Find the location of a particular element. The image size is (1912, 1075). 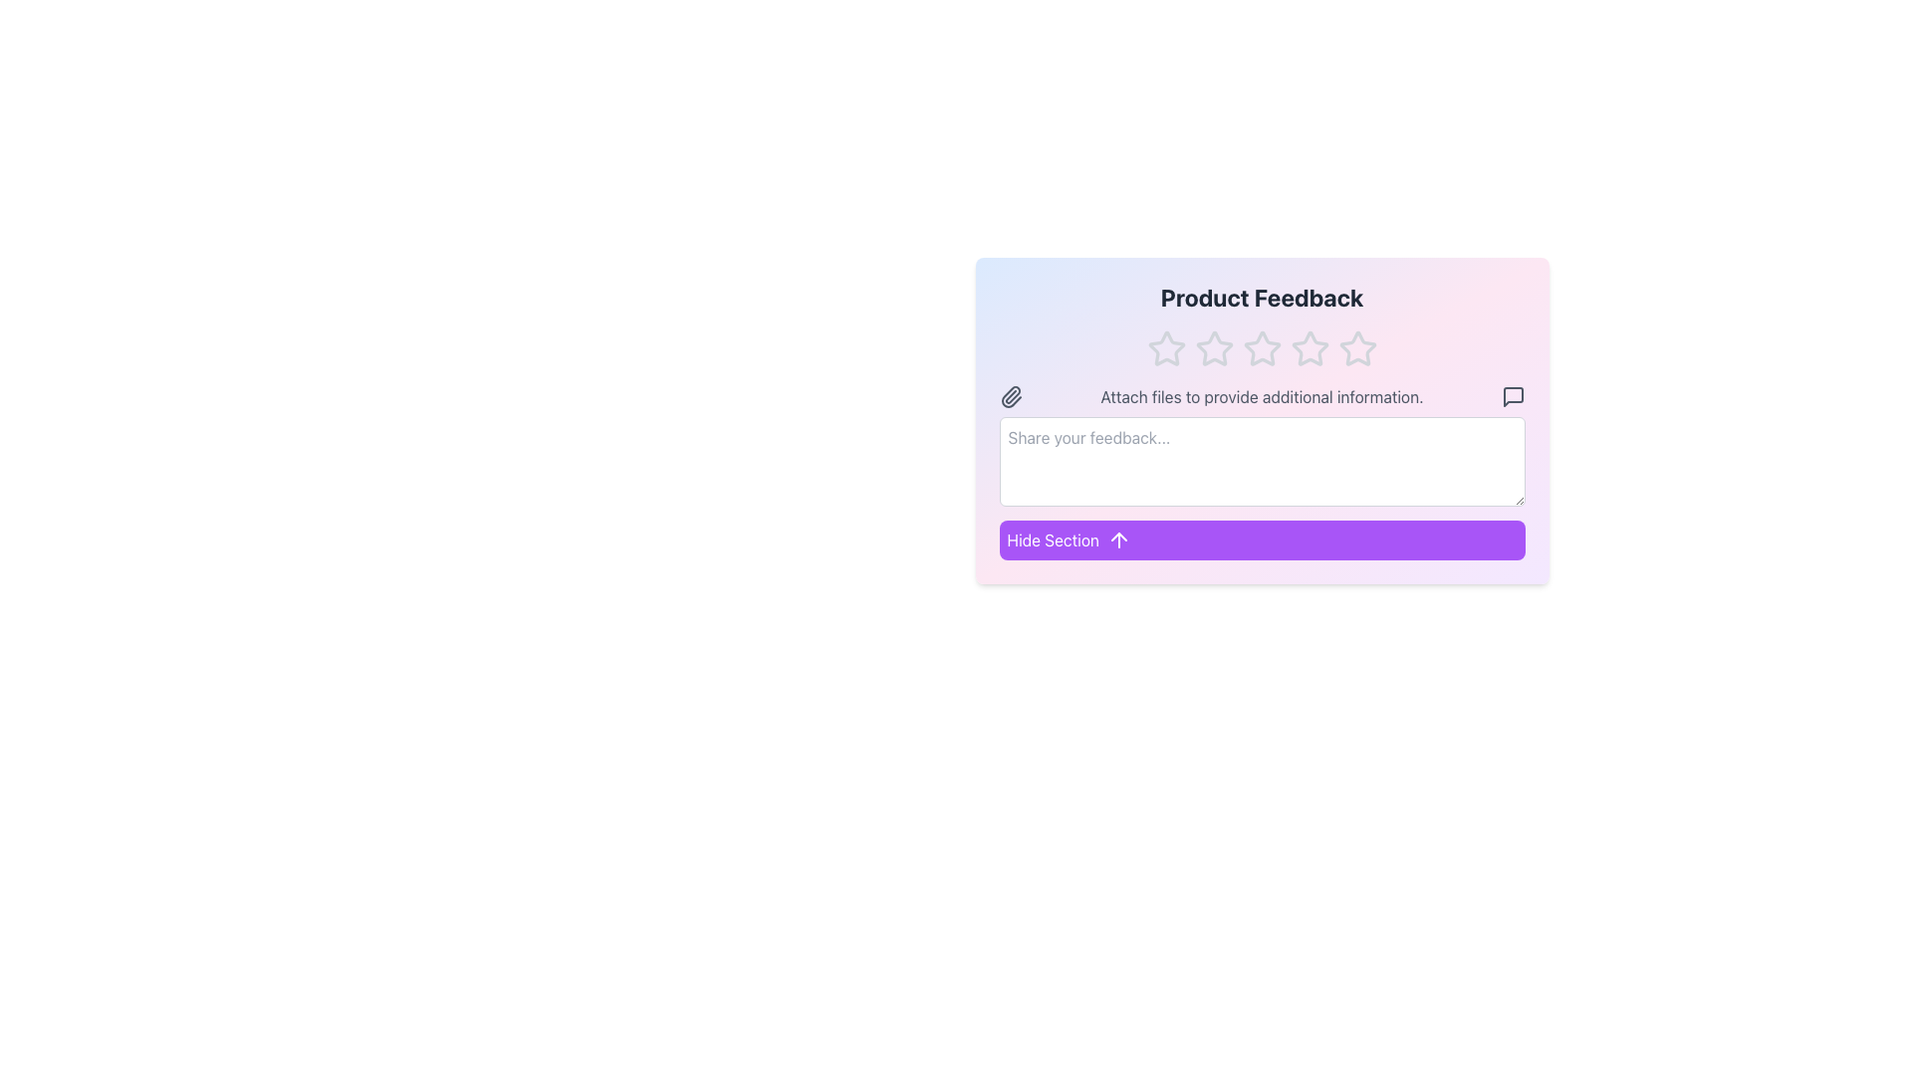

the first star icon from the left in a row of five identical stars located below the 'Product Feedback' heading is located at coordinates (1166, 348).